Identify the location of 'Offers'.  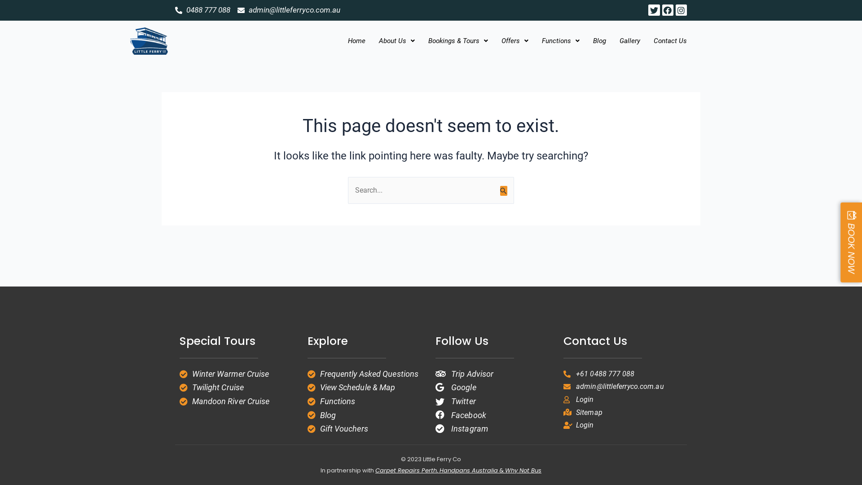
(515, 41).